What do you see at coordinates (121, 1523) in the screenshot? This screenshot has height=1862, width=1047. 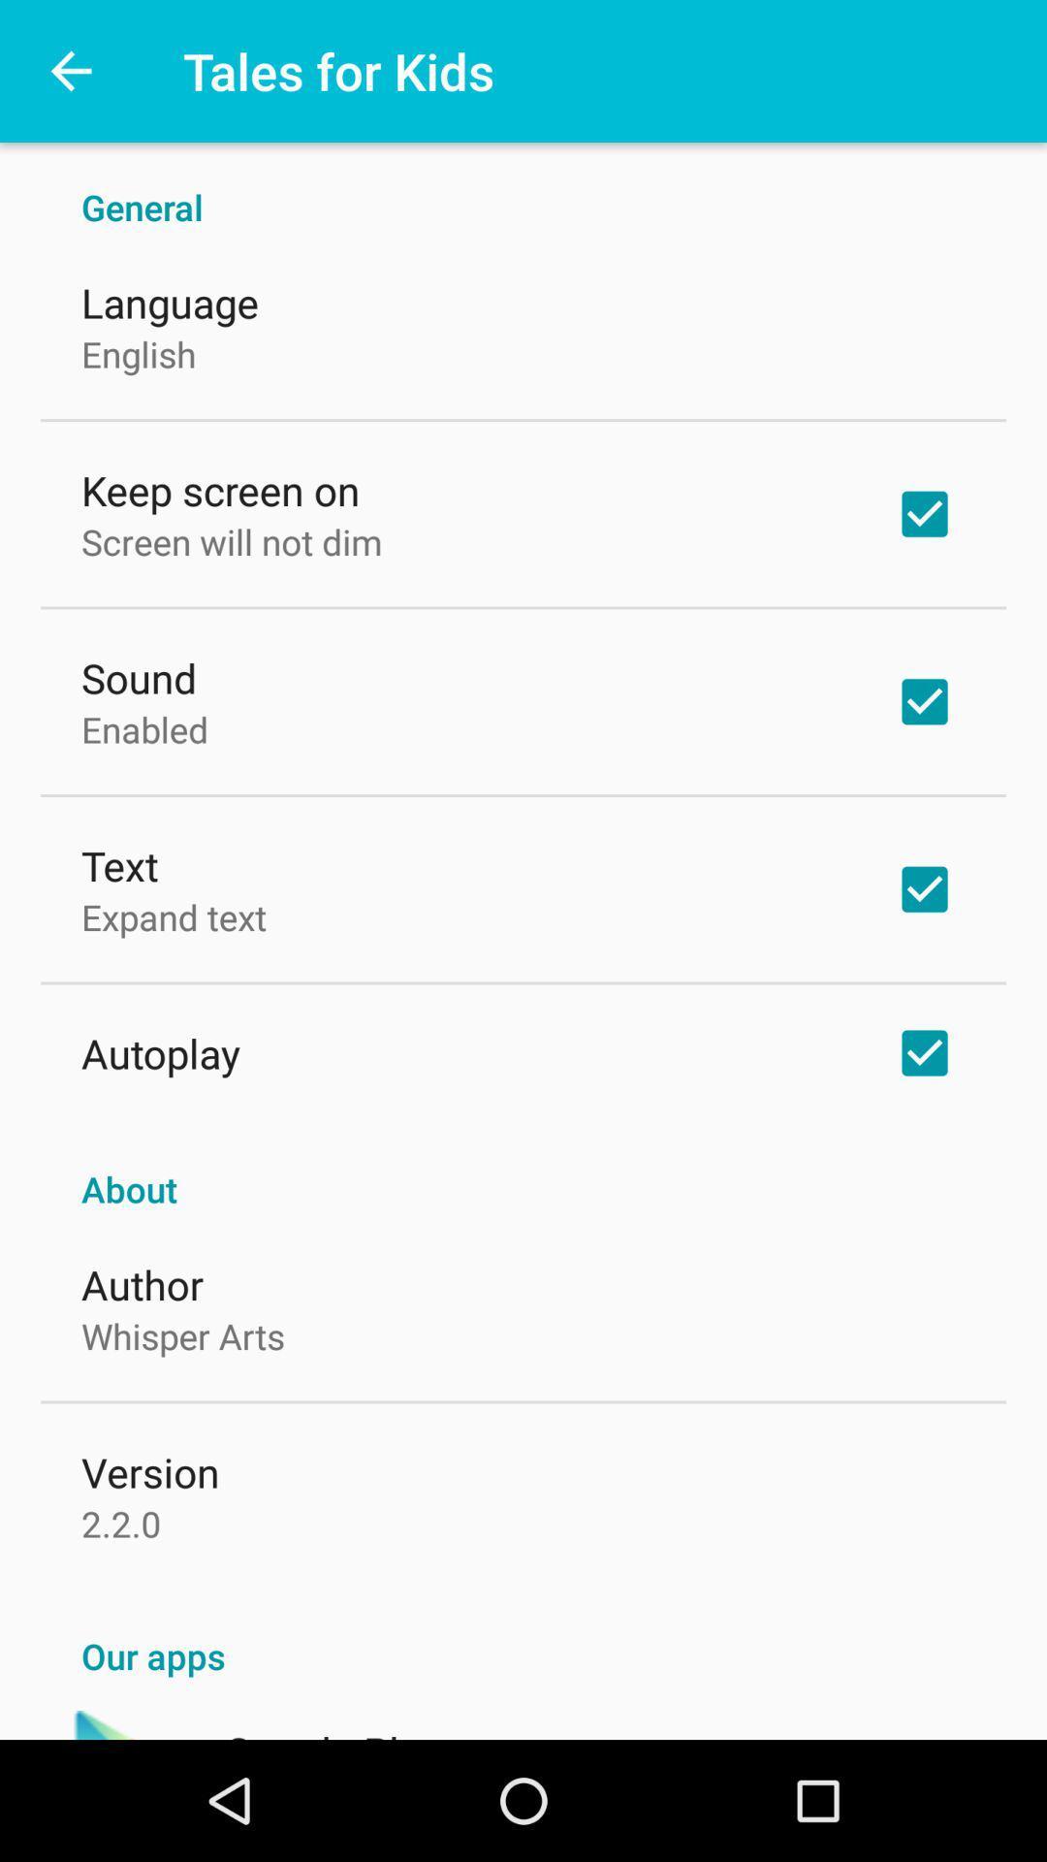 I see `2.2.0` at bounding box center [121, 1523].